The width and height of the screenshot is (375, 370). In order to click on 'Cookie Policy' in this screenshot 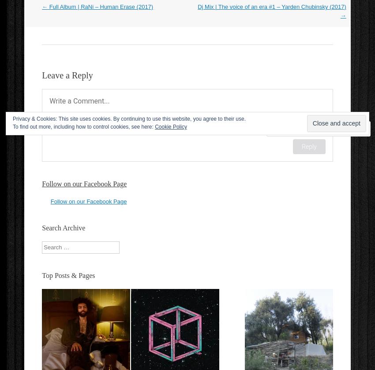, I will do `click(154, 127)`.